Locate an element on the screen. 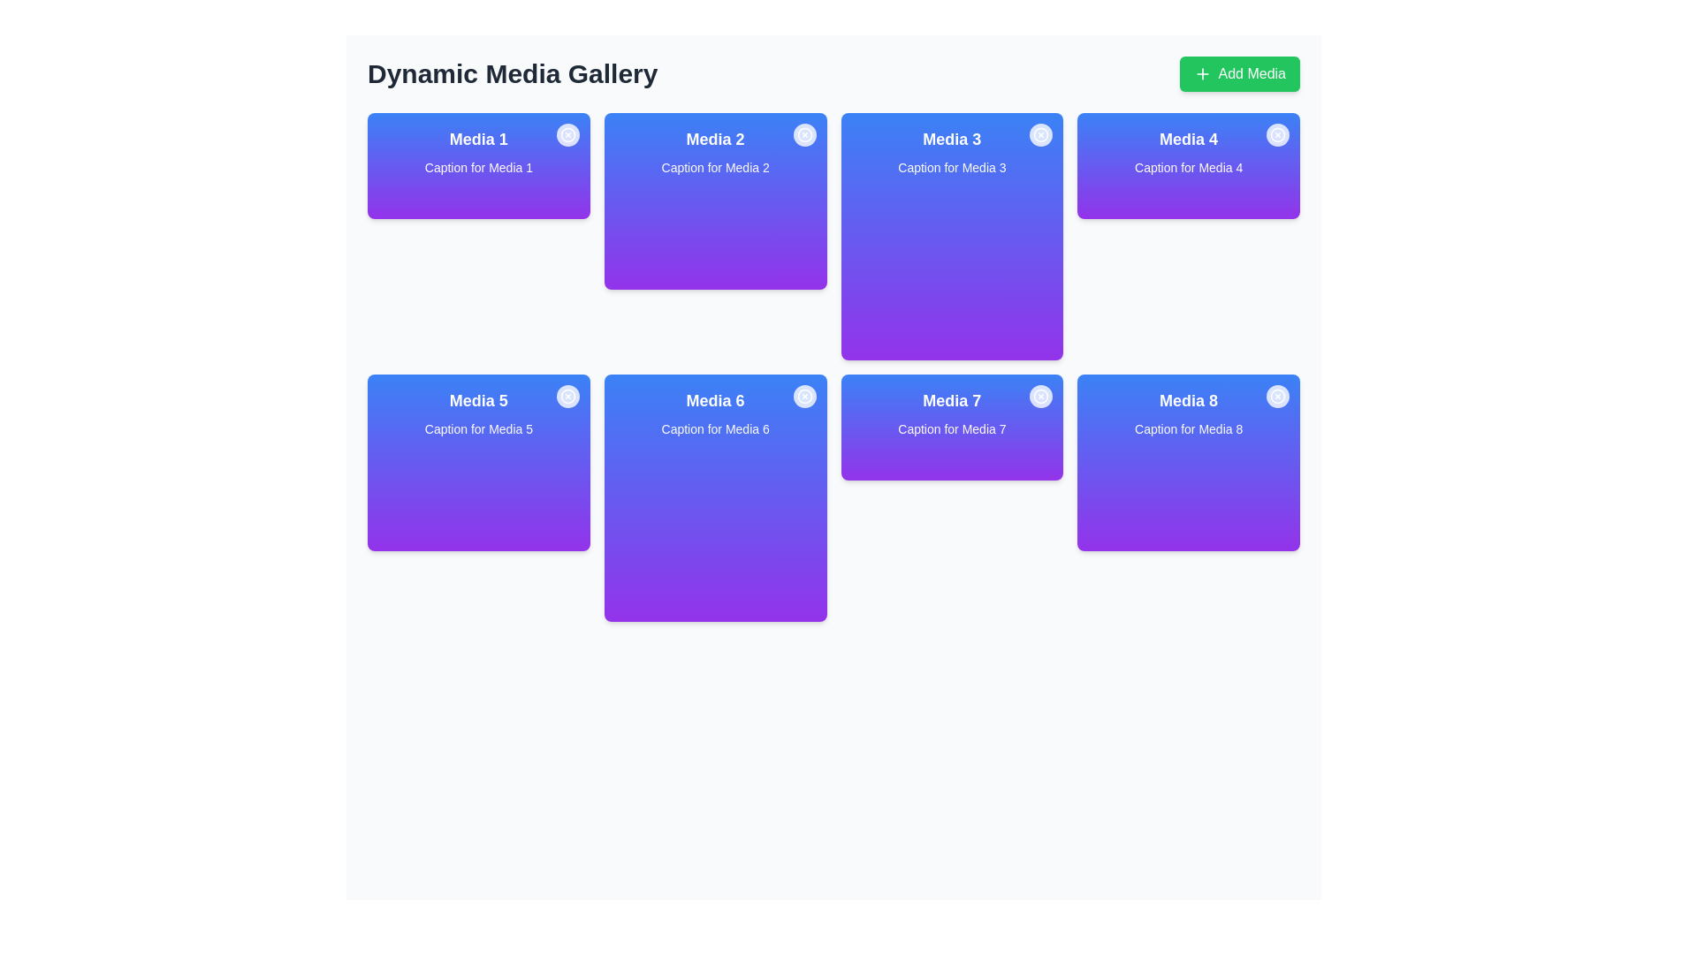 The width and height of the screenshot is (1697, 954). the text 'Media 4' to copy it from the heading styled component located in the upper right corner of the card is located at coordinates (1189, 139).